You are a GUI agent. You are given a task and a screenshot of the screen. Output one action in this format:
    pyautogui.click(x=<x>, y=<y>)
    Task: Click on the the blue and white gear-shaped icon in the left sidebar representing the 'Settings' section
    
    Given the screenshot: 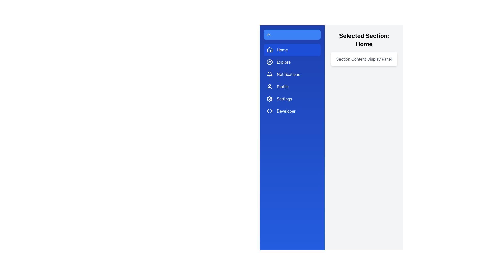 What is the action you would take?
    pyautogui.click(x=269, y=99)
    